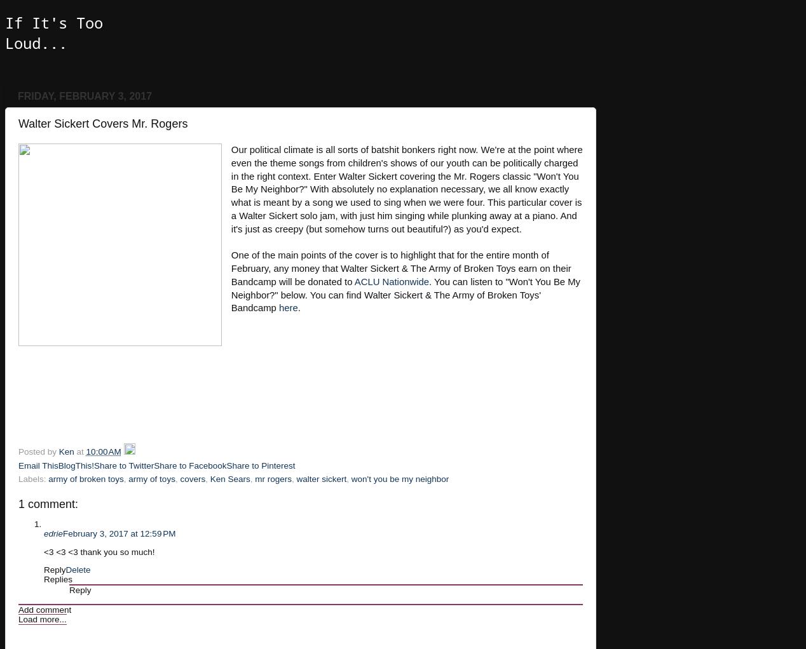 This screenshot has width=806, height=649. Describe the element at coordinates (118, 533) in the screenshot. I see `'February 3, 2017 at 12:59 PM'` at that location.